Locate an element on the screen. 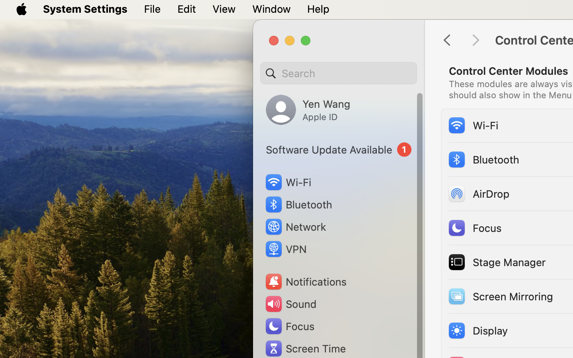 Image resolution: width=573 pixels, height=358 pixels. 'Display' is located at coordinates (477, 330).